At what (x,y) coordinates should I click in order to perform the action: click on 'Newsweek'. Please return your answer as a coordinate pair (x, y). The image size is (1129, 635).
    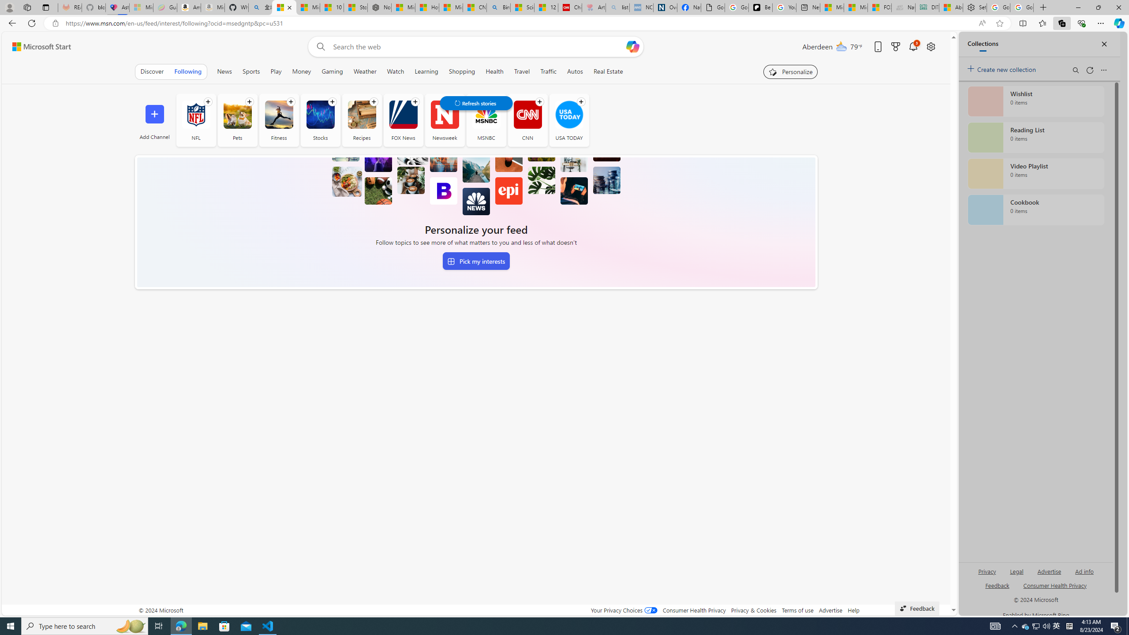
    Looking at the image, I should click on (444, 120).